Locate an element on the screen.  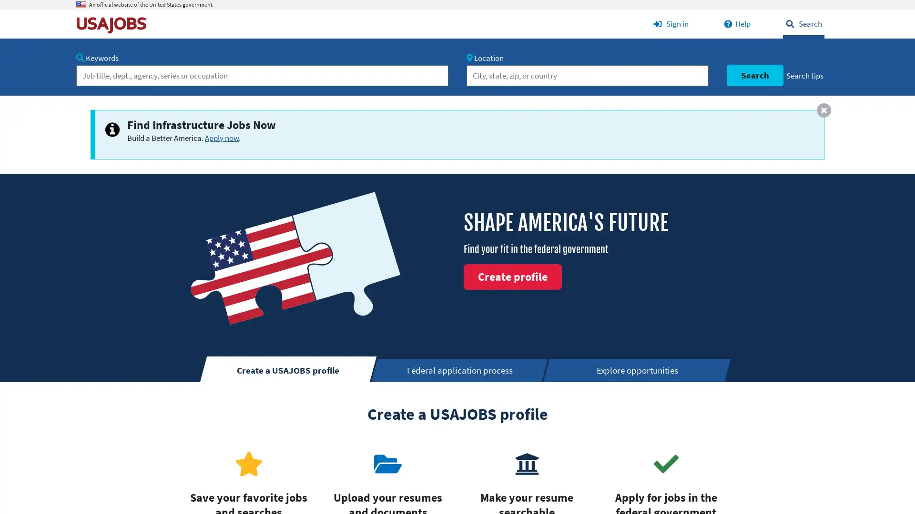
Federal application process is located at coordinates (460, 370).